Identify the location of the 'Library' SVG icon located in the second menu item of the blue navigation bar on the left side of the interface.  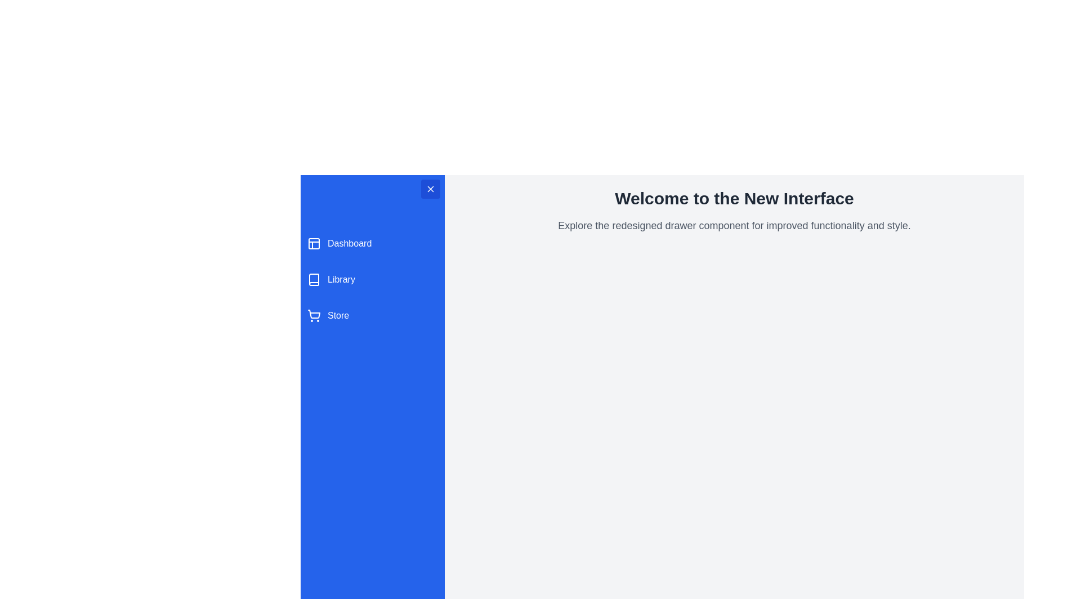
(314, 279).